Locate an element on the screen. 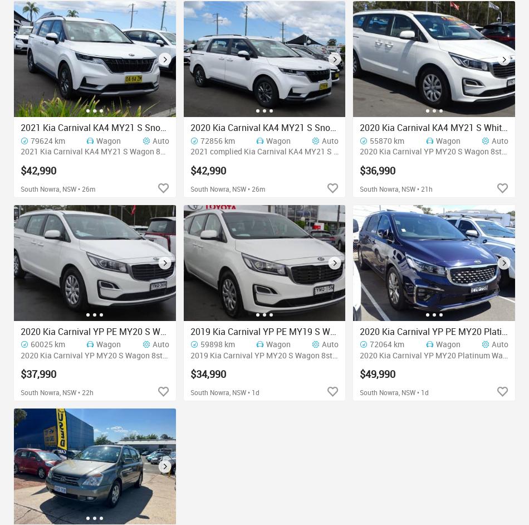  '2020 Kia Carnival YP PE MY20 S White 8 Speed Automatic Wagon' is located at coordinates (150, 331).